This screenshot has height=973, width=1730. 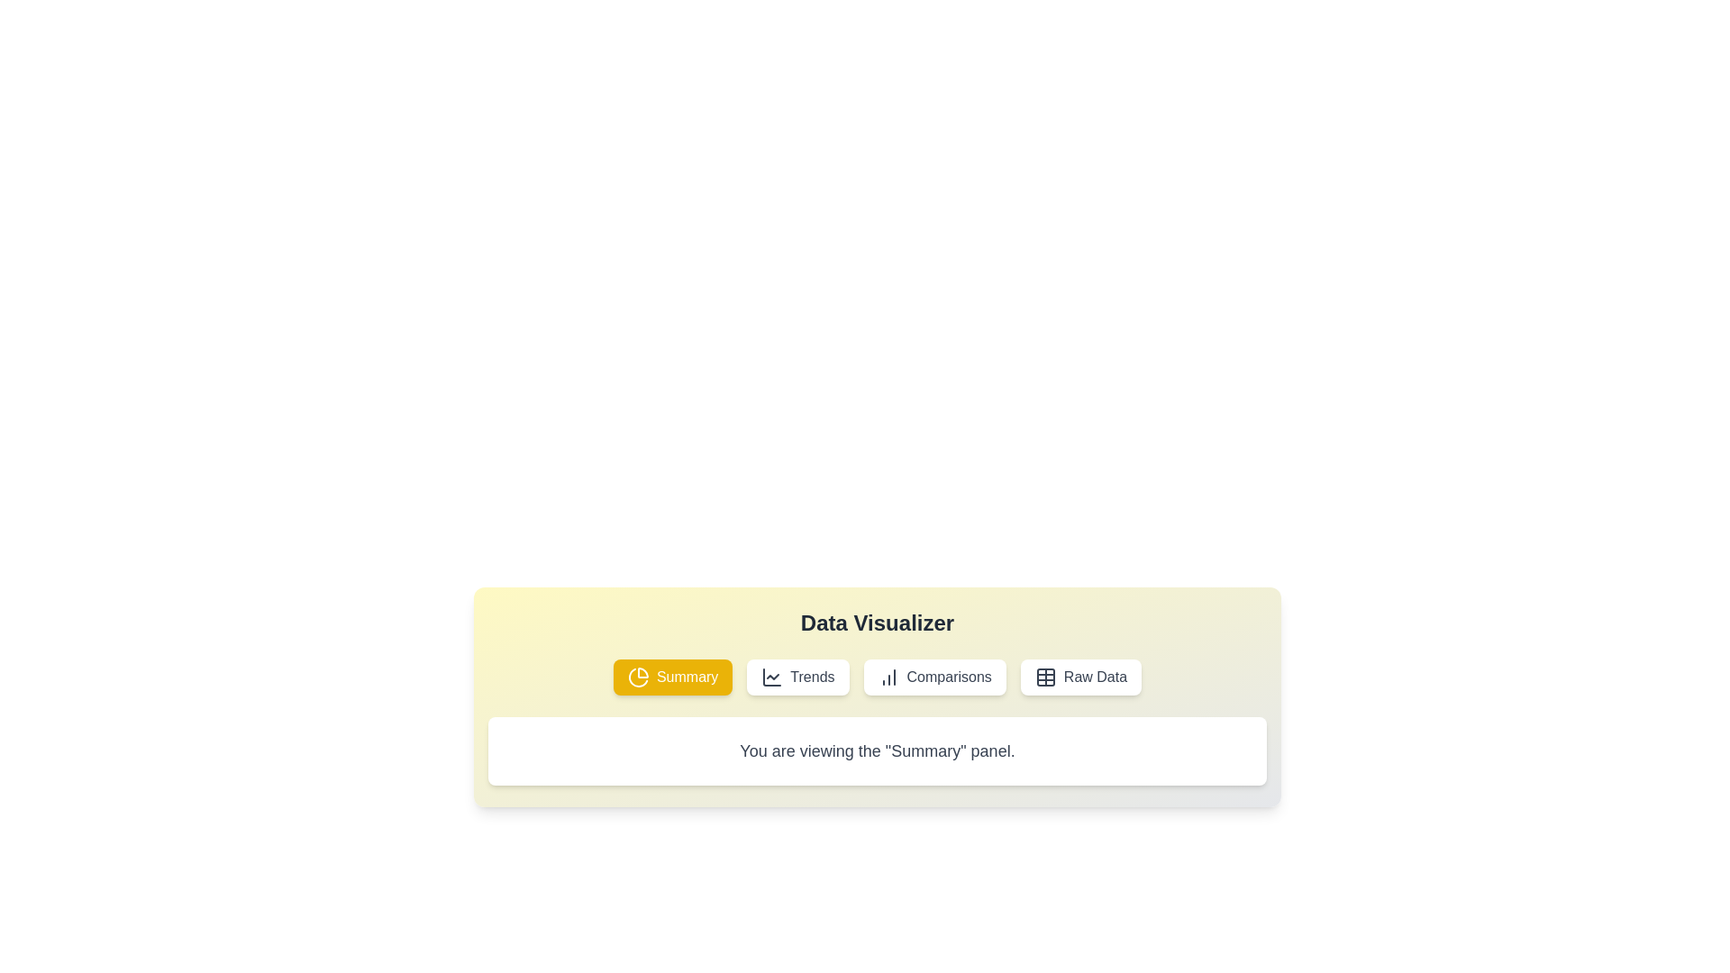 What do you see at coordinates (672, 677) in the screenshot?
I see `the leftmost button in the horizontal navigation bar under 'Data Visualizer'` at bounding box center [672, 677].